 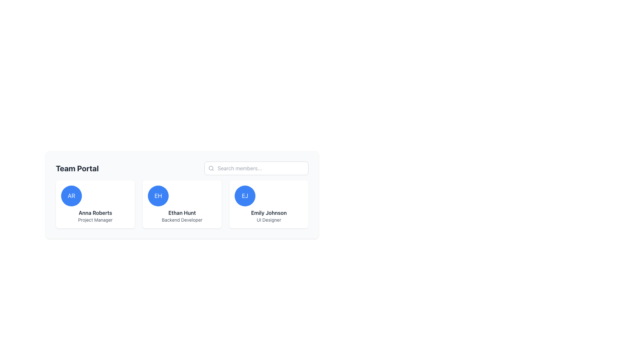 I want to click on contents of the text label displaying 'Emily Johnson', which is centrally located below the round blue avatar labeled 'EJ' and above the text 'UI Designer', so click(x=269, y=213).